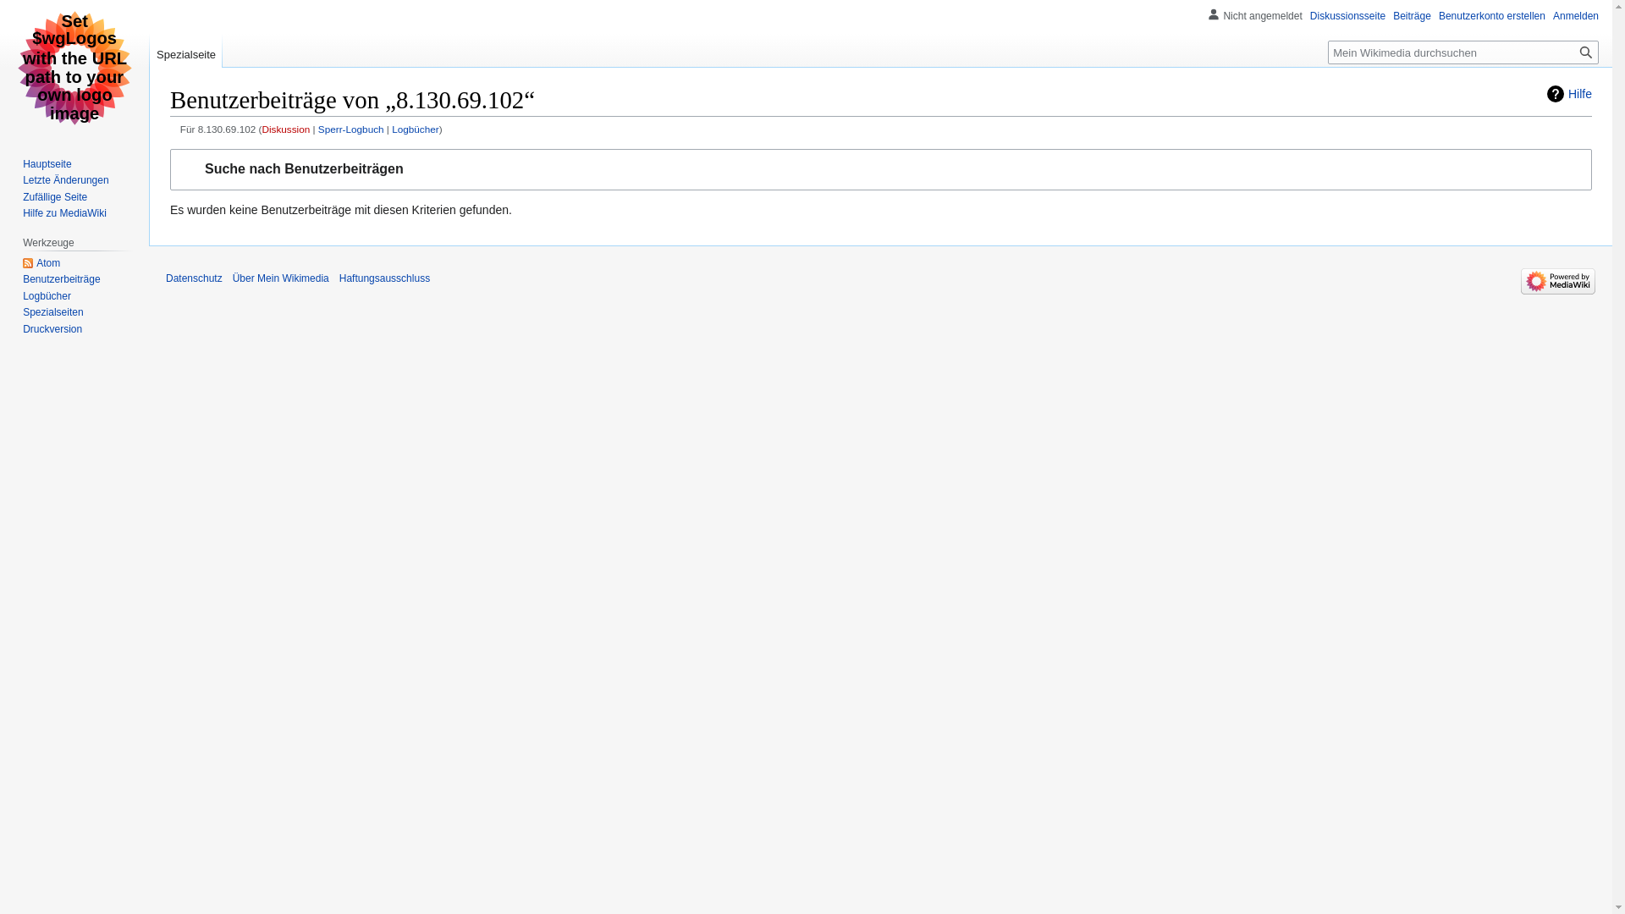 This screenshot has width=1625, height=914. I want to click on 'Hilfe zu MediaWiki', so click(64, 212).